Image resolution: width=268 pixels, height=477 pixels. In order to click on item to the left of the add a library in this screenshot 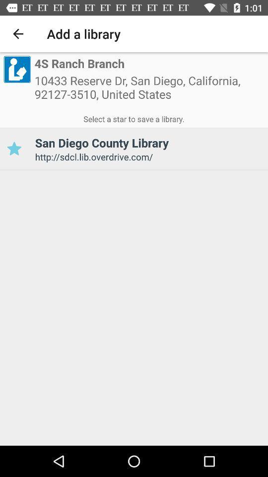, I will do `click(18, 34)`.